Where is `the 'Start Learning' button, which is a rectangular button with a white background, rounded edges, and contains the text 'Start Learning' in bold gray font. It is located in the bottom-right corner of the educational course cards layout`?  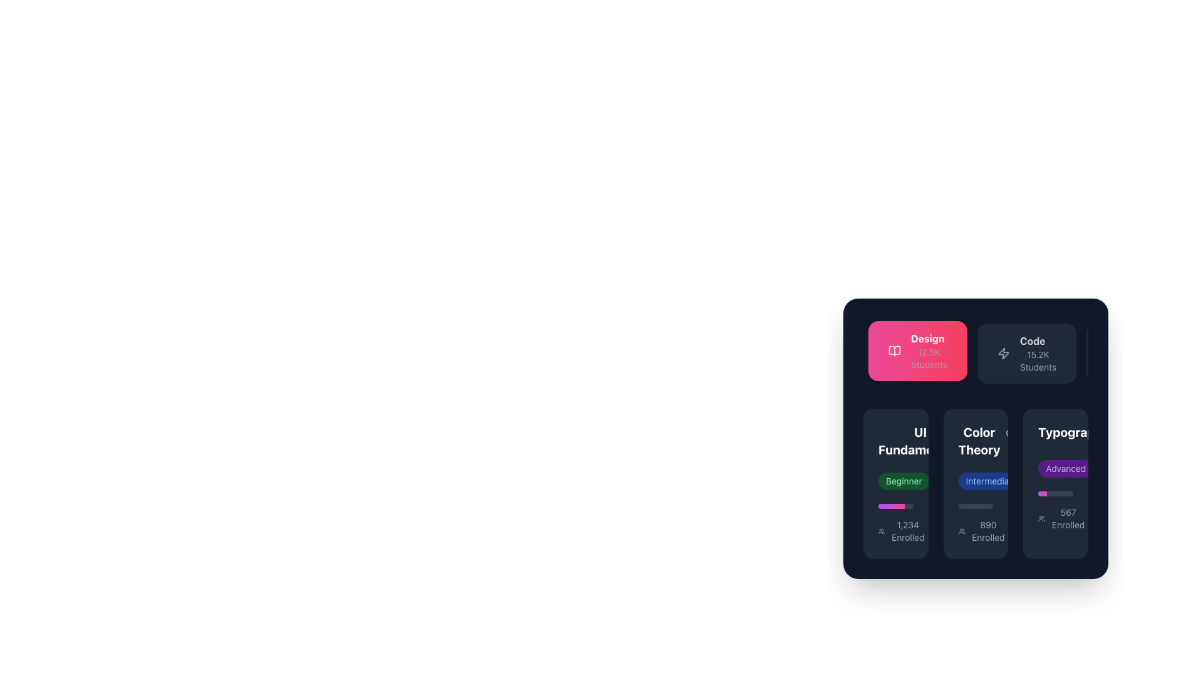
the 'Start Learning' button, which is a rectangular button with a white background, rounded edges, and contains the text 'Start Learning' in bold gray font. It is located in the bottom-right corner of the educational course cards layout is located at coordinates (1055, 483).